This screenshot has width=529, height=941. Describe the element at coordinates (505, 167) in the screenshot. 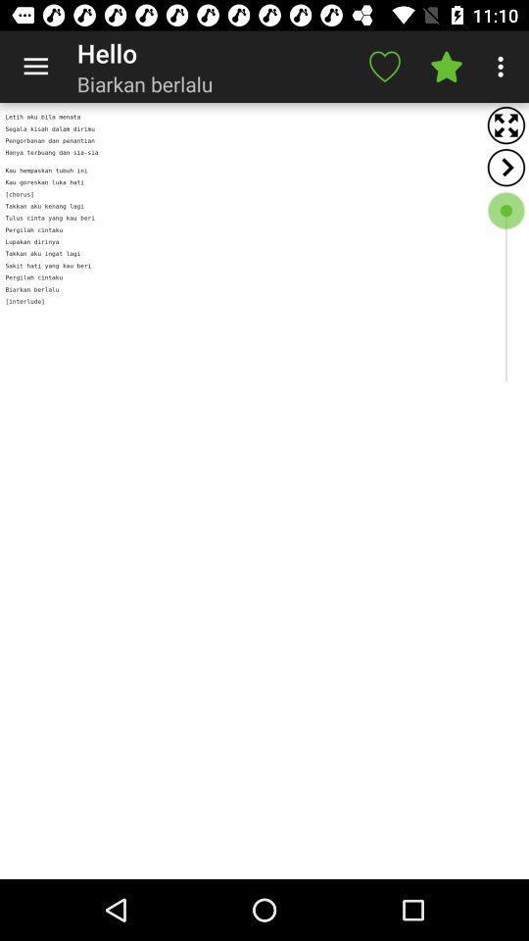

I see `the arrow_forward icon` at that location.